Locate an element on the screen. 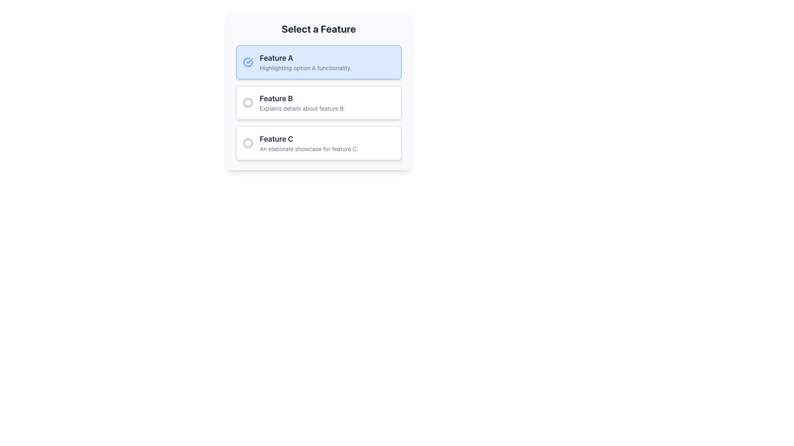 This screenshot has height=446, width=794. the informational text label reading 'An elaborate showcase for feature C.' to potentially reveal tooltips is located at coordinates (309, 149).